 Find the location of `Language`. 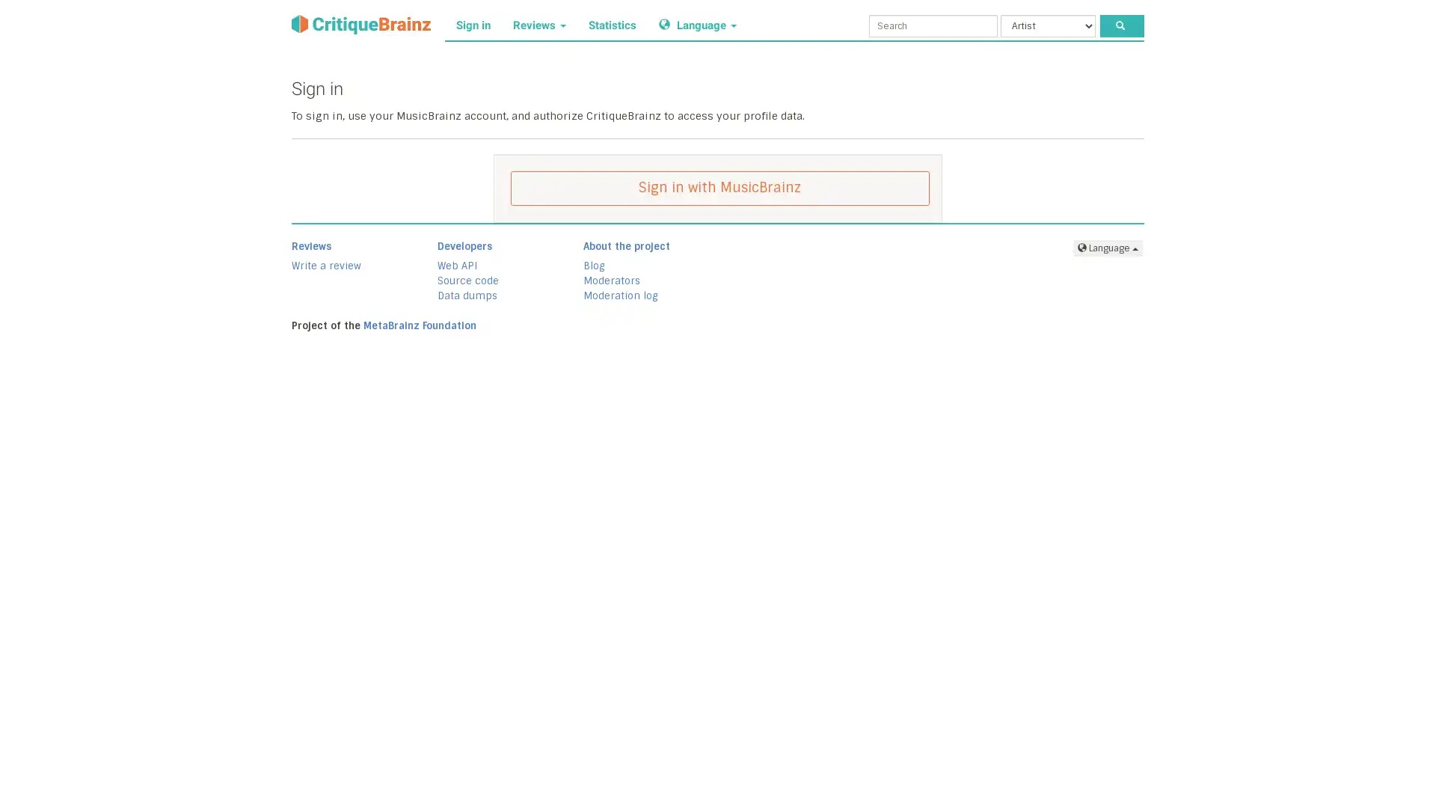

Language is located at coordinates (1108, 247).